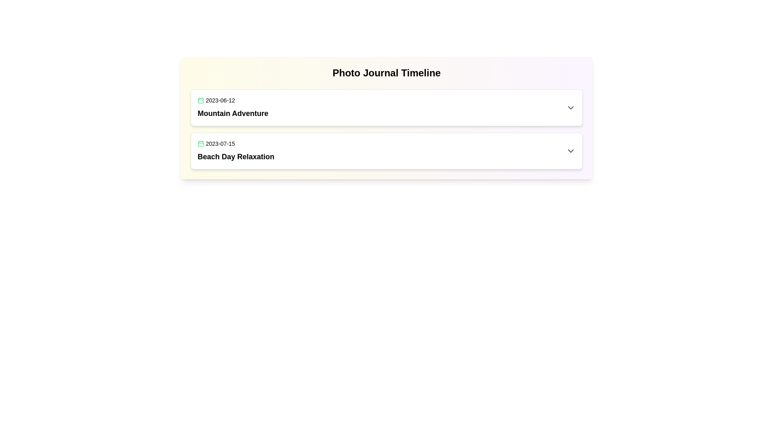 This screenshot has height=441, width=784. I want to click on the decorative SVG shape (rounded rectangle) within the calendar icon for the date '2023-07-15 Beach Day Relaxation' located in the left portion of the second list item, so click(200, 143).